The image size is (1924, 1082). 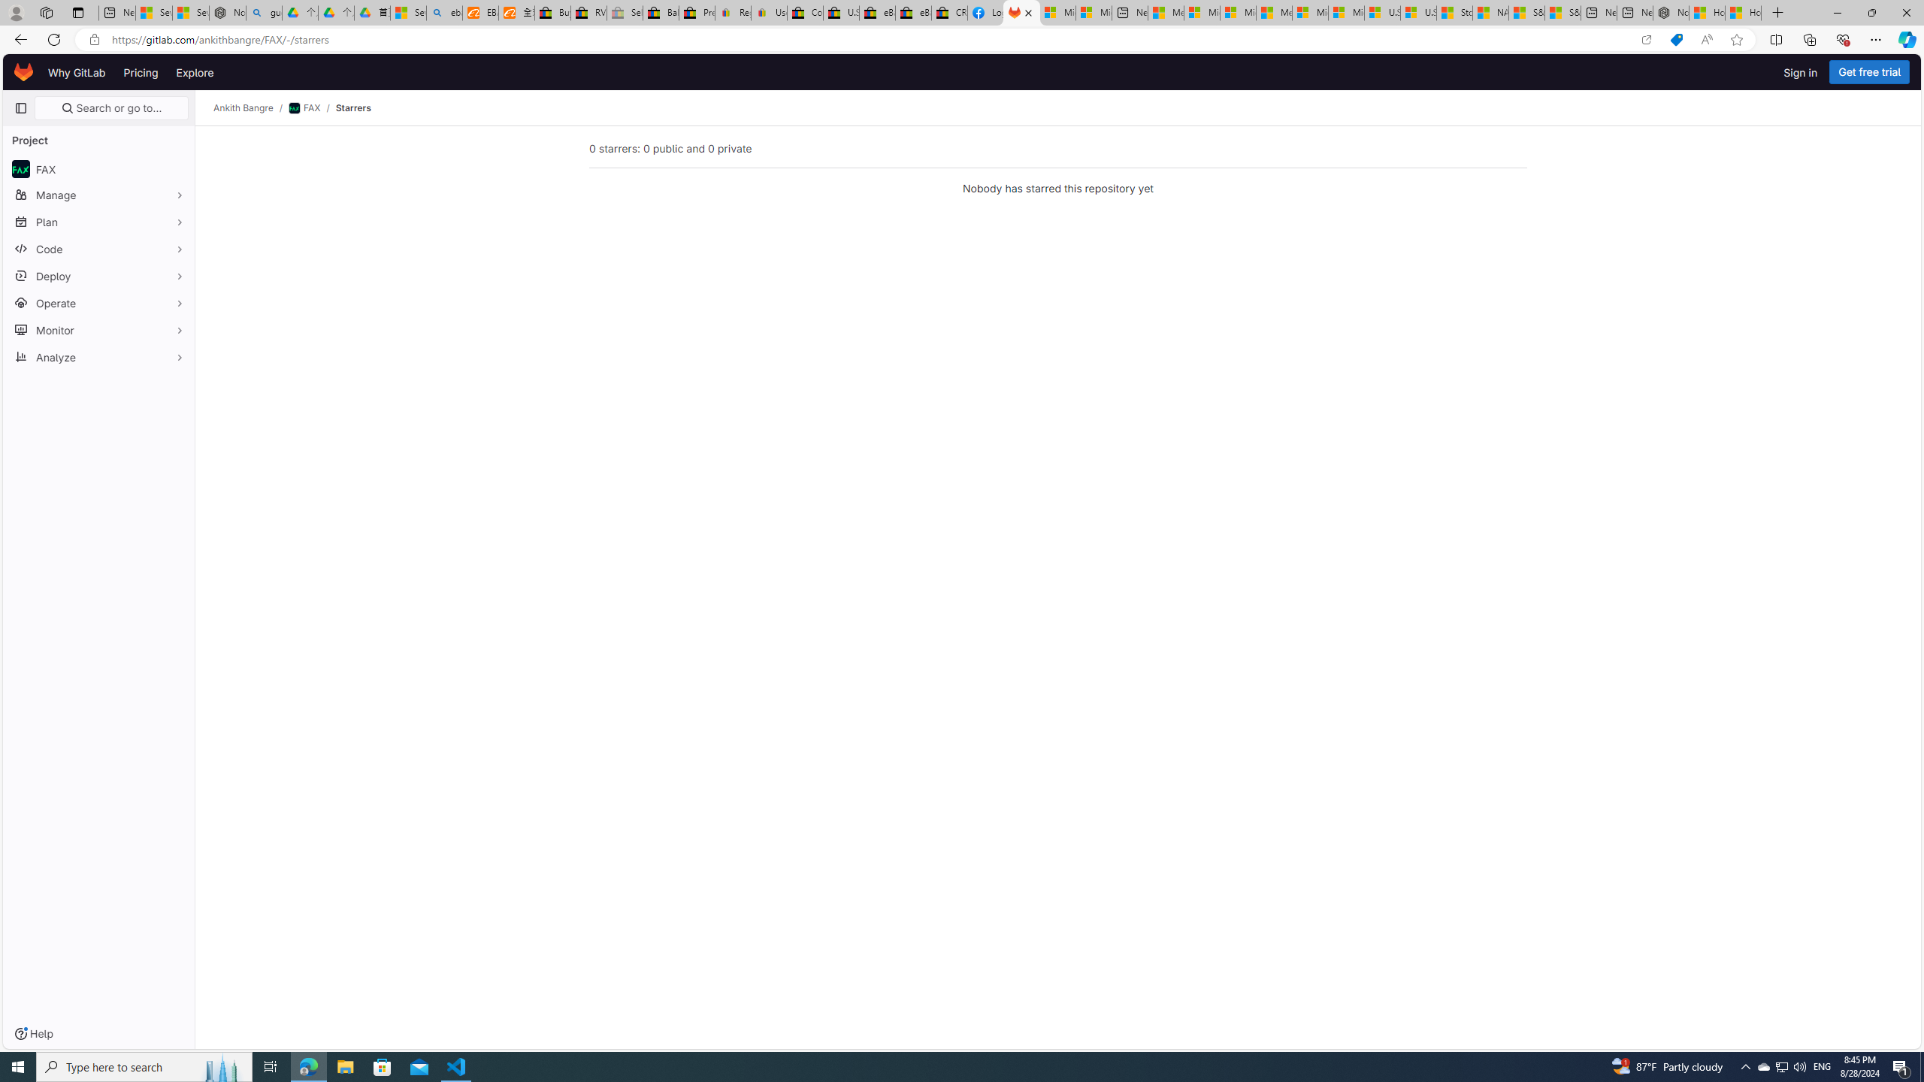 I want to click on 'Monitor', so click(x=98, y=329).